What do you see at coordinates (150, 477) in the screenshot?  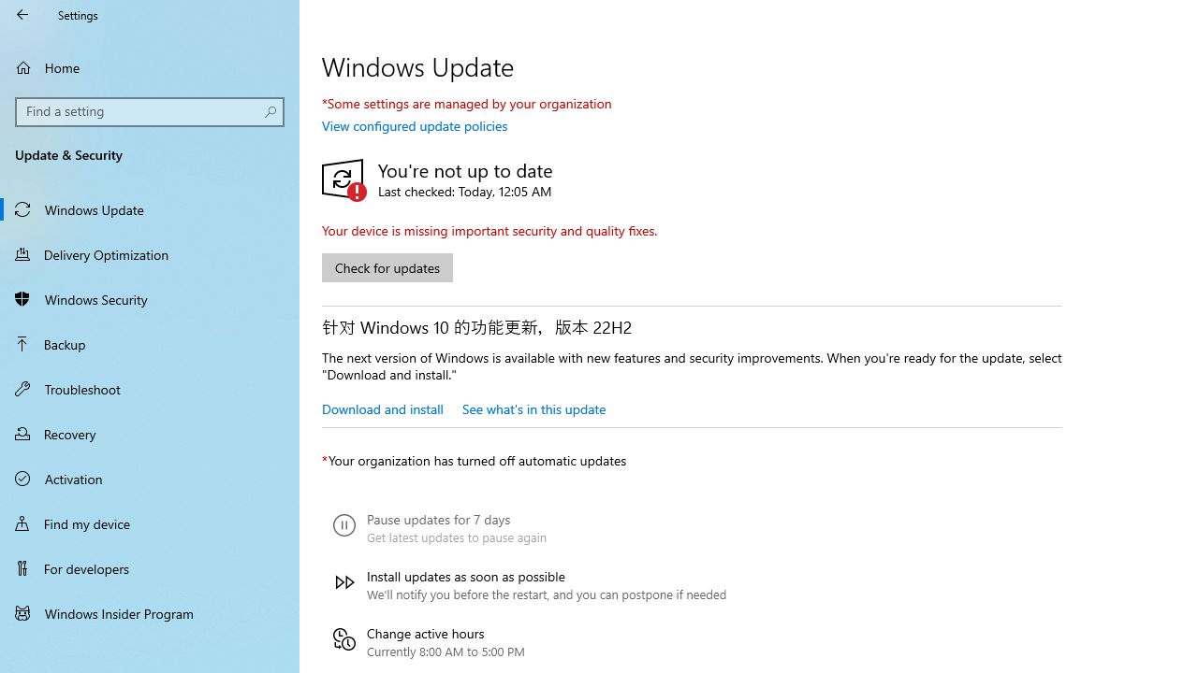 I see `'Activation'` at bounding box center [150, 477].